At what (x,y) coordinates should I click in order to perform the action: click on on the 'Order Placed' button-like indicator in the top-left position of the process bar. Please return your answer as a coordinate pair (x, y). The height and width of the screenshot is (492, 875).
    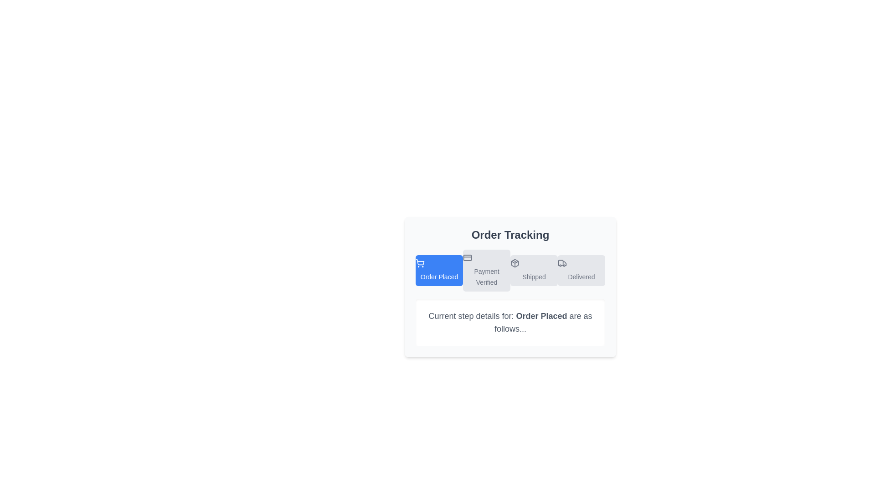
    Looking at the image, I should click on (439, 270).